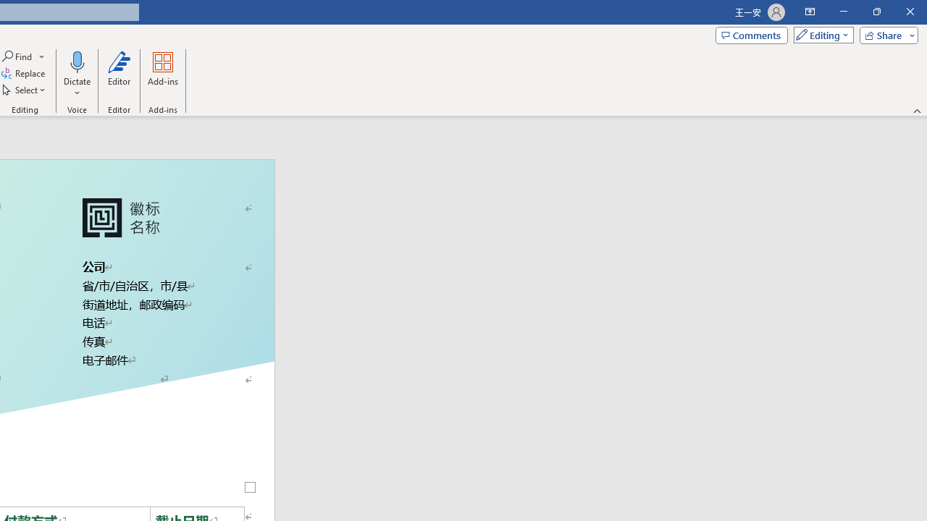 Image resolution: width=927 pixels, height=521 pixels. I want to click on 'Minimize', so click(843, 12).